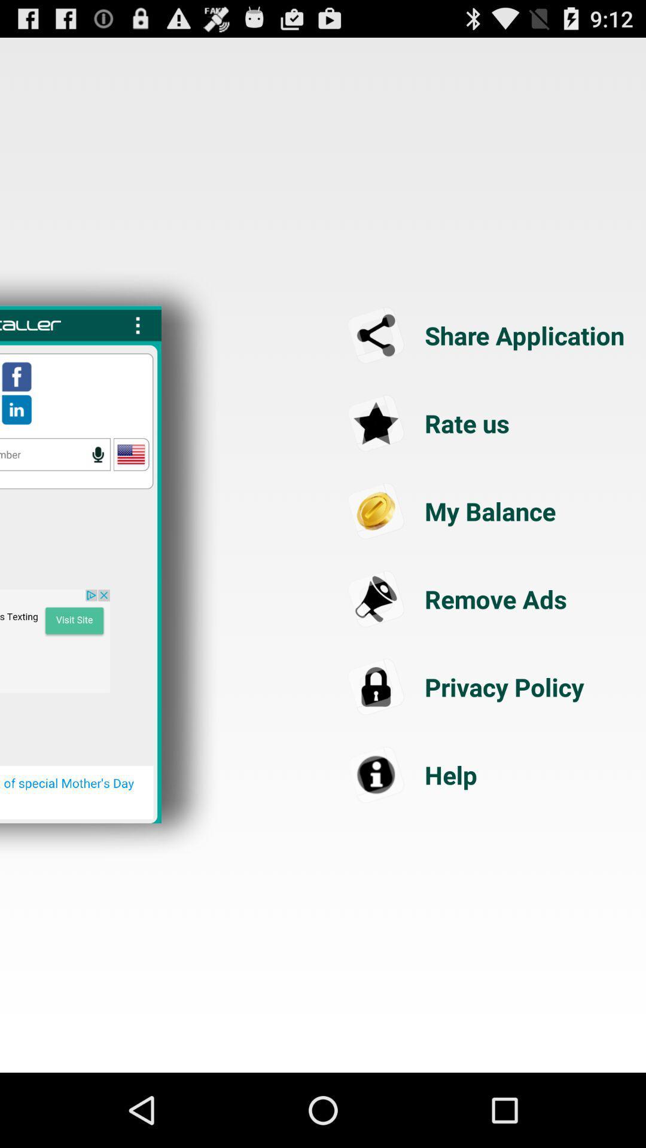 The height and width of the screenshot is (1148, 646). I want to click on dictate phone number, so click(97, 454).